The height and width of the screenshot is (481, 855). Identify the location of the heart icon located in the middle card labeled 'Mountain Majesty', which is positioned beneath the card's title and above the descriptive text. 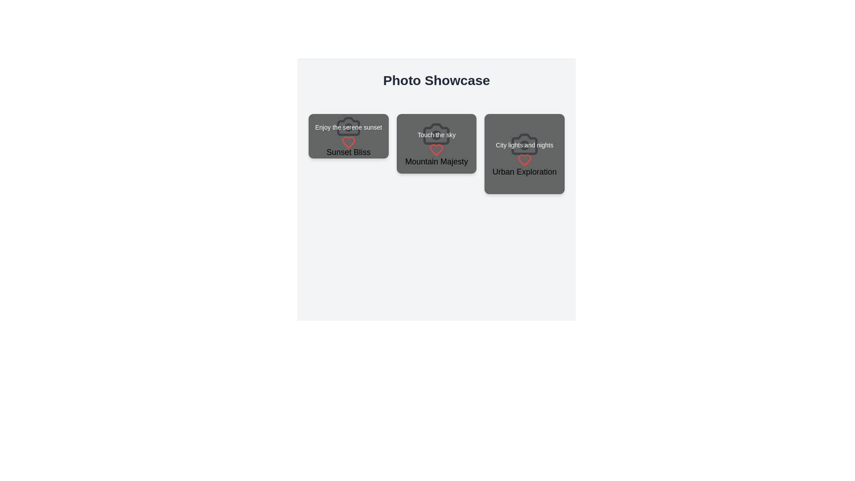
(436, 150).